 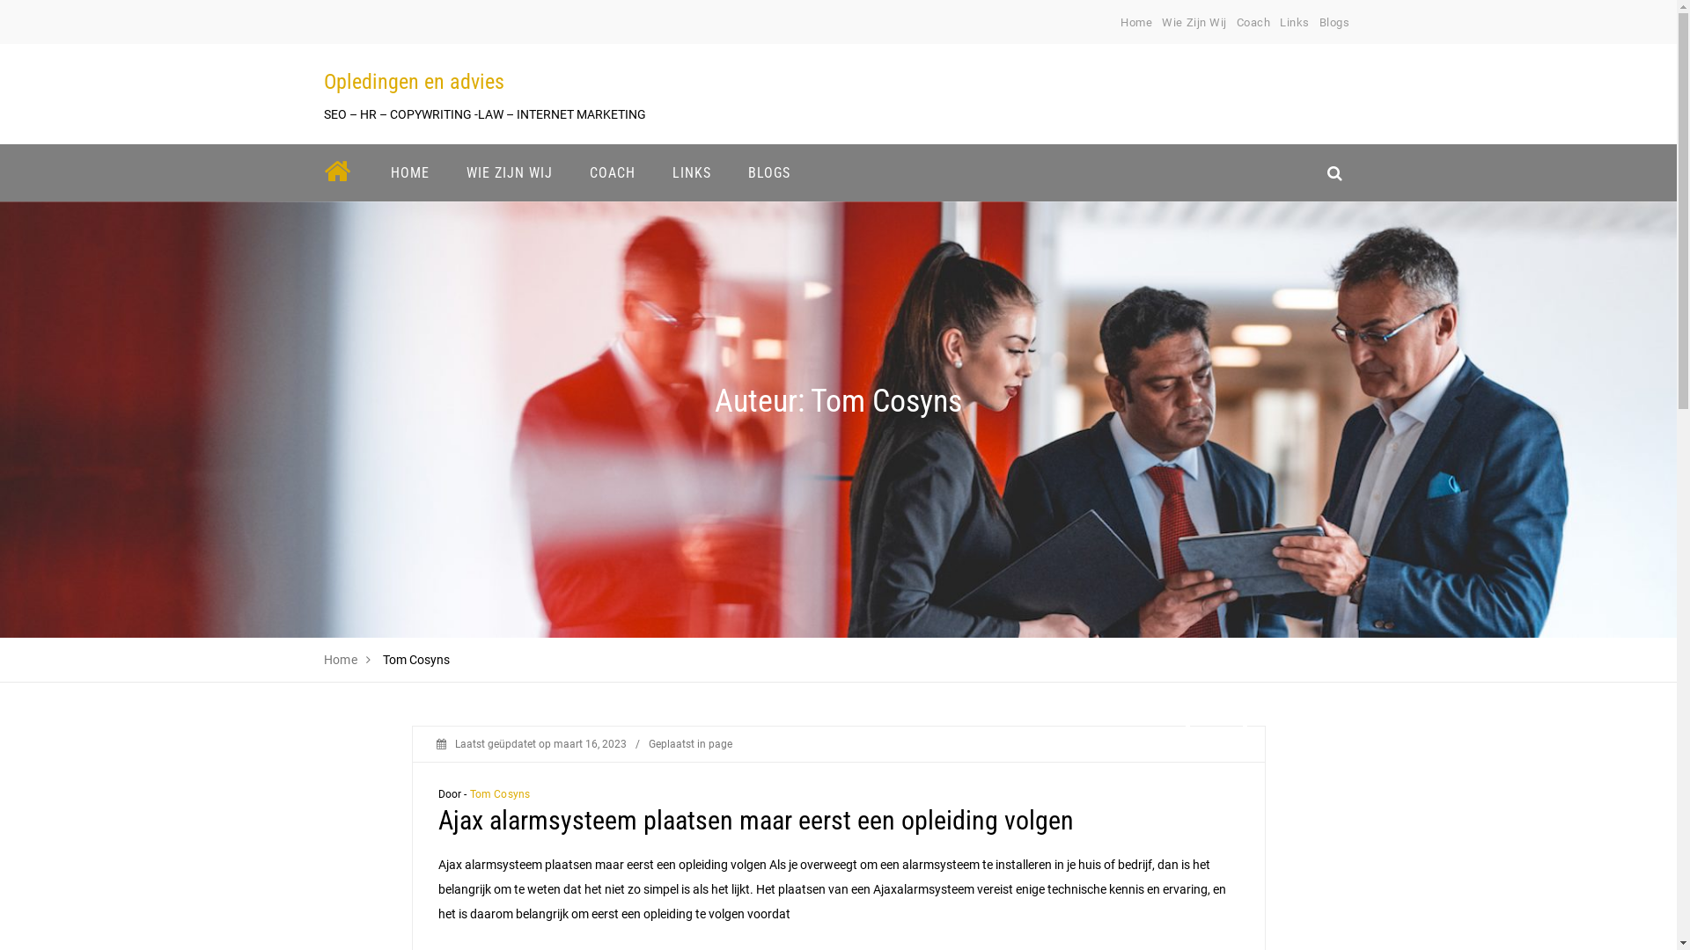 What do you see at coordinates (719, 743) in the screenshot?
I see `'page'` at bounding box center [719, 743].